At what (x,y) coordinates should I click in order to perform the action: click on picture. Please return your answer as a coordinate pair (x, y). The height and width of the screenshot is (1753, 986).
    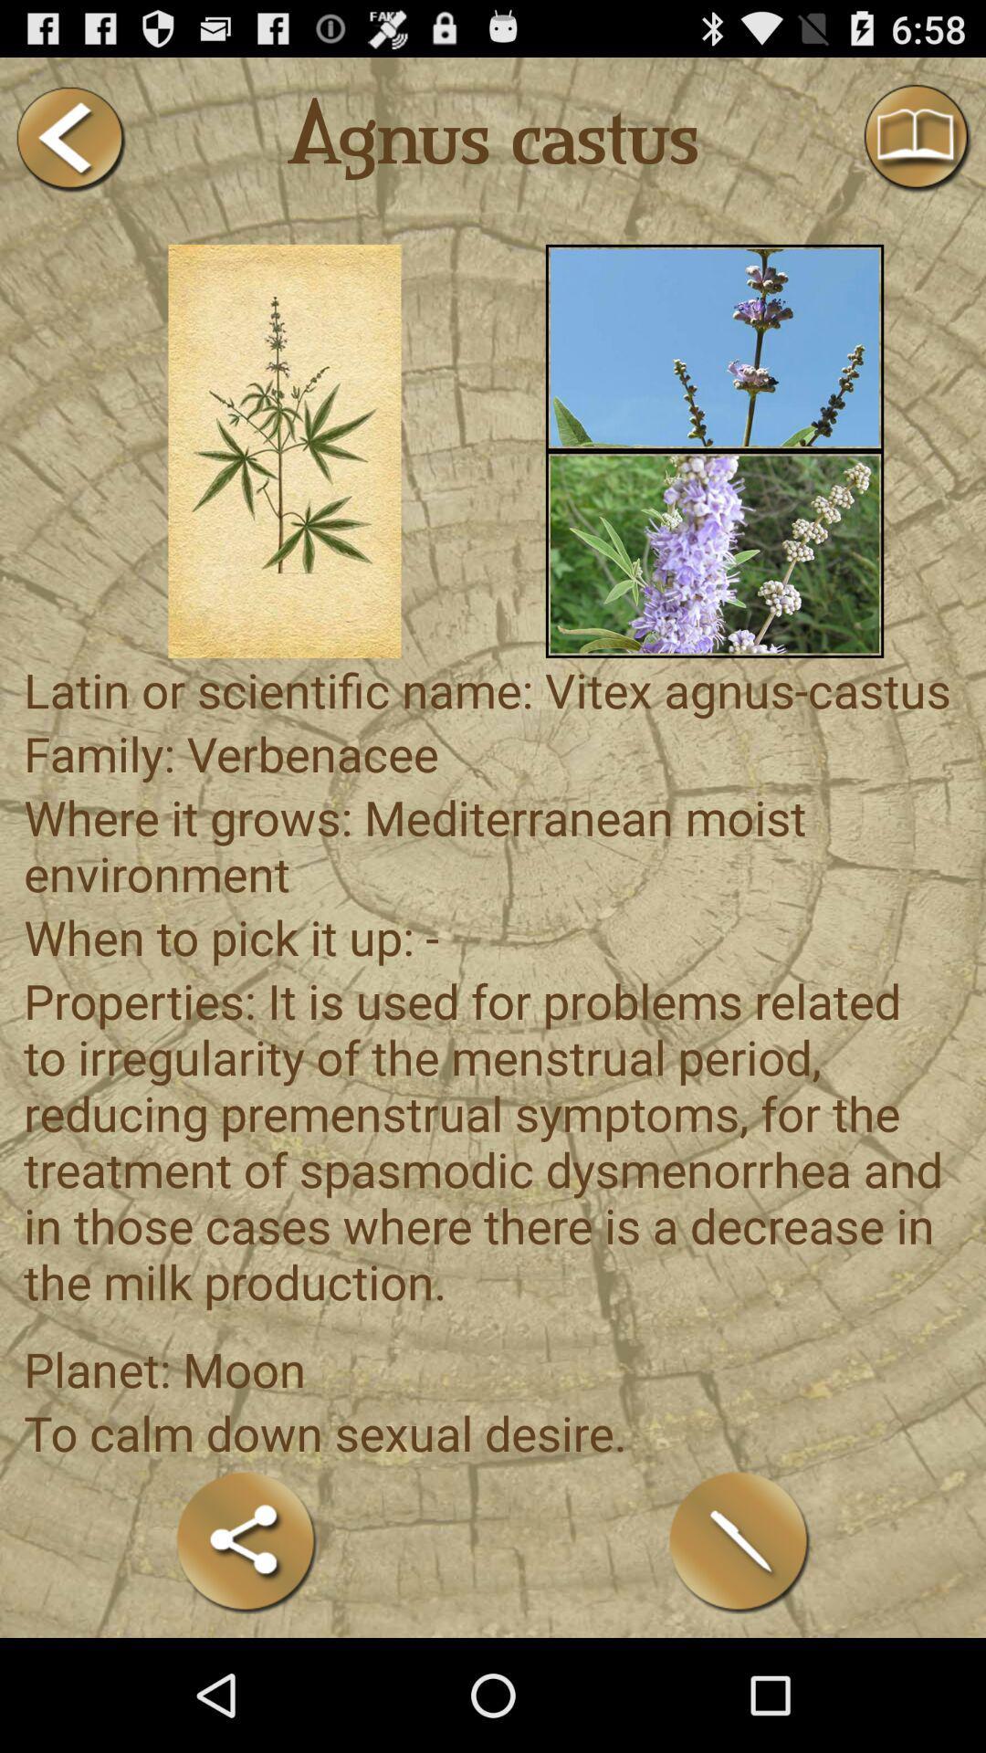
    Looking at the image, I should click on (714, 347).